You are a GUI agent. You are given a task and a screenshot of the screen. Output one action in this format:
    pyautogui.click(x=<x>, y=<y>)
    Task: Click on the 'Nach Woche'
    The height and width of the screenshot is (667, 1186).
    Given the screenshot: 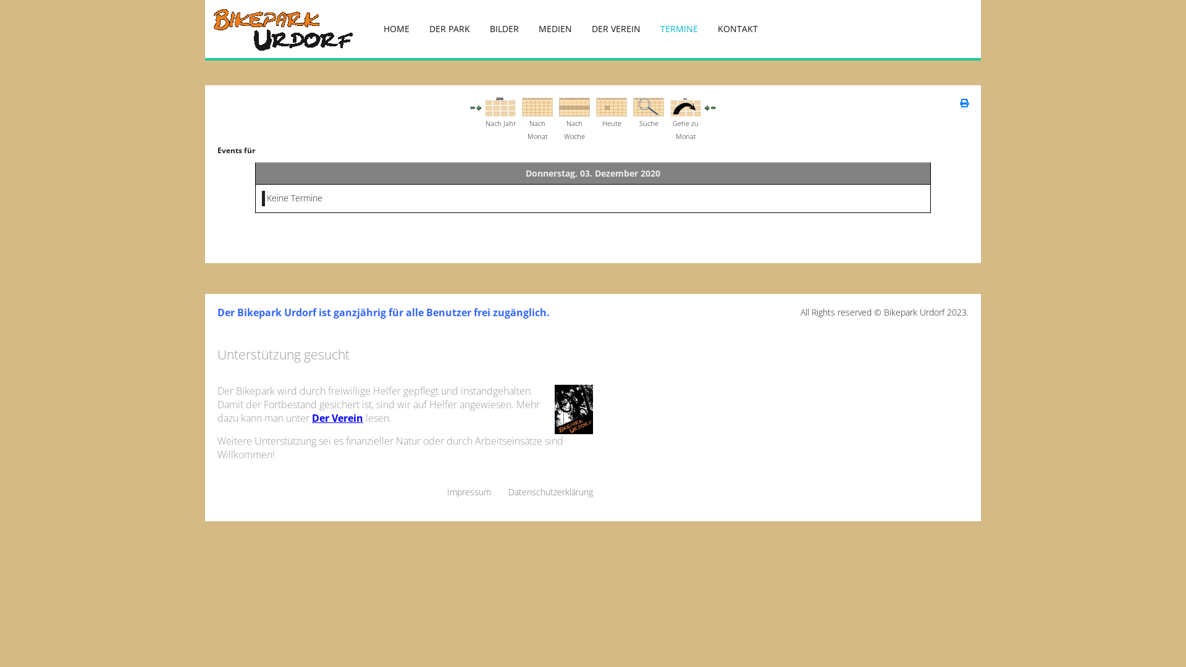 What is the action you would take?
    pyautogui.click(x=574, y=105)
    